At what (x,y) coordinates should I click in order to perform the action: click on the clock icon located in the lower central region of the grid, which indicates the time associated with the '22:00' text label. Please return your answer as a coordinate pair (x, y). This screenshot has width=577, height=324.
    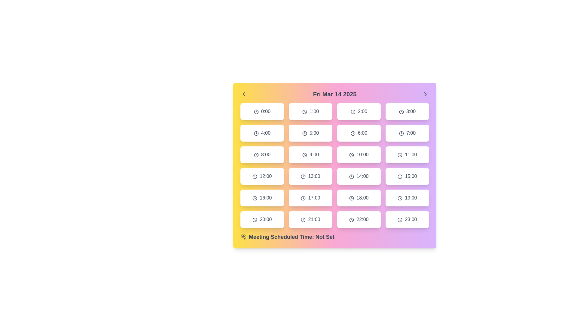
    Looking at the image, I should click on (352, 220).